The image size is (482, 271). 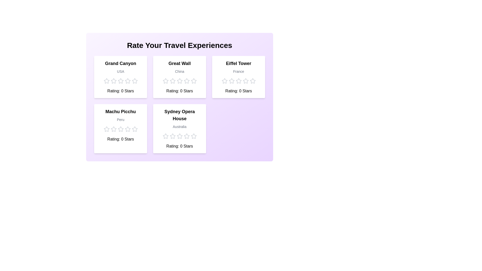 I want to click on the star icon to visualize the rating for 2 stars, so click(x=113, y=81).